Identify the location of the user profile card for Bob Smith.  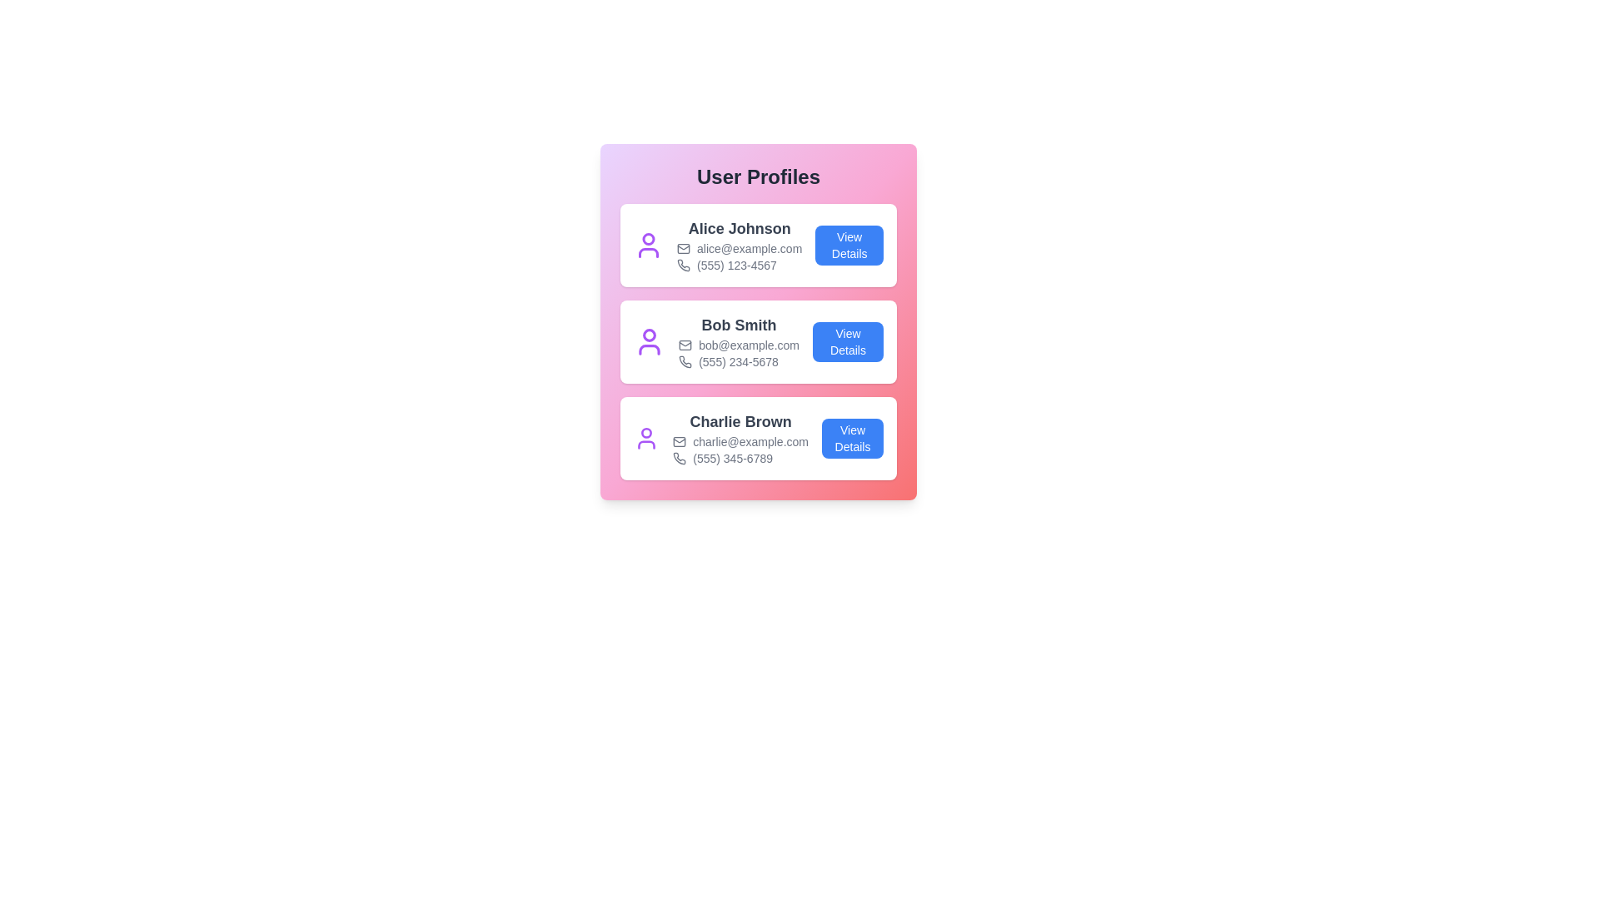
(758, 341).